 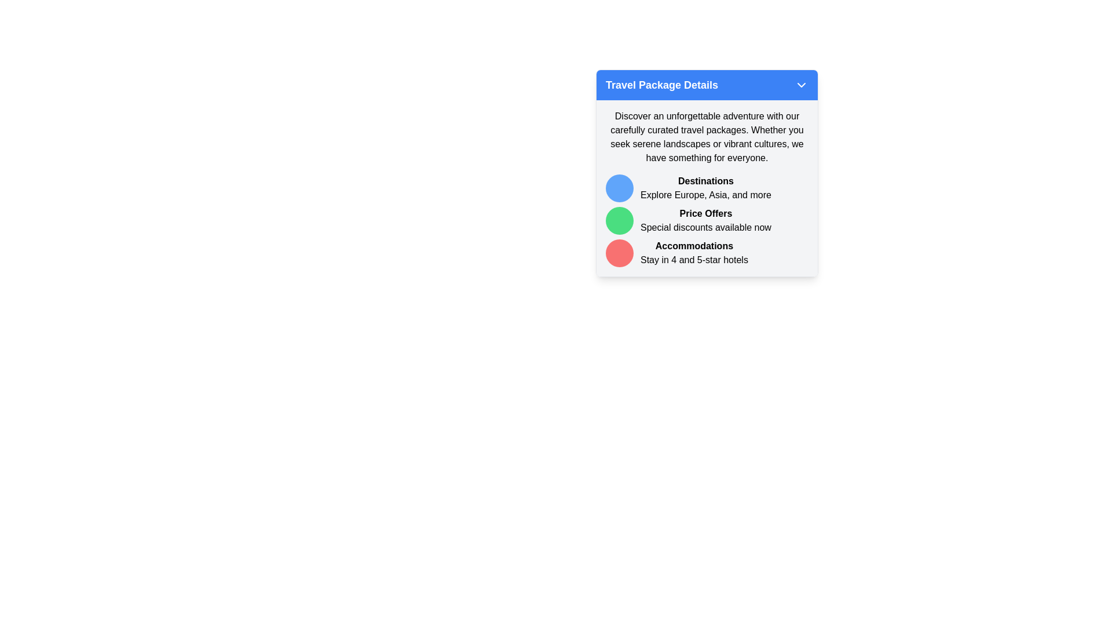 What do you see at coordinates (706, 221) in the screenshot?
I see `information displayed in the content block that provides details about price-related offers, located between the 'Destinations' and 'Accommodations' sections` at bounding box center [706, 221].